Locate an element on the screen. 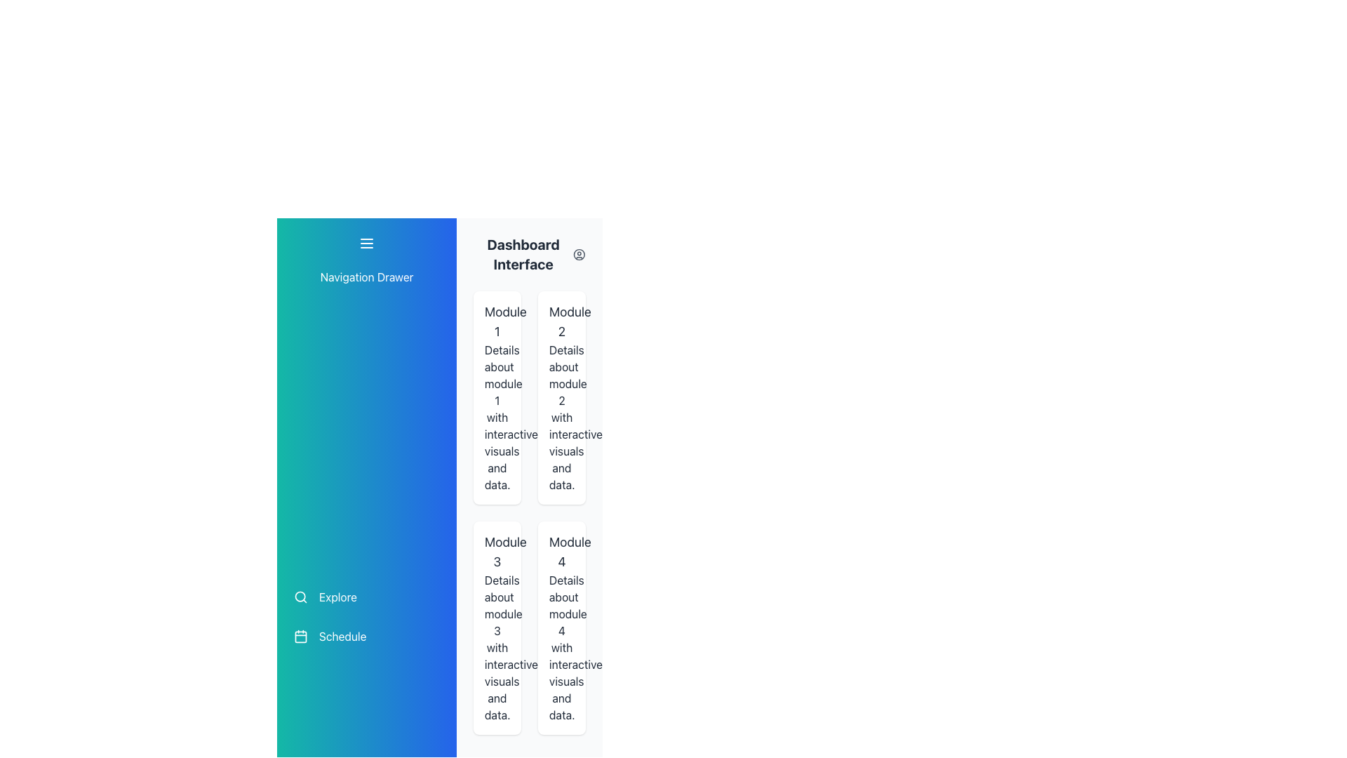 The width and height of the screenshot is (1347, 758). the first navigation button in the vertical list within the navigation drawer is located at coordinates (367, 597).